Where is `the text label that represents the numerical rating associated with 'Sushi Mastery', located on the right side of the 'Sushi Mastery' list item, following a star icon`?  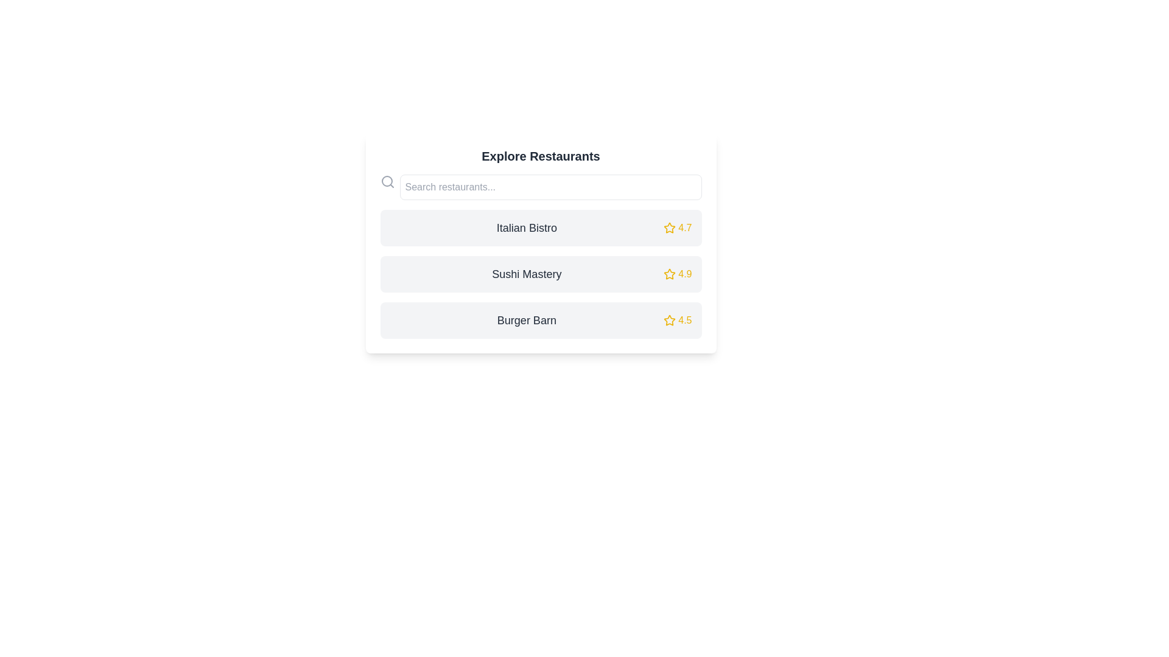 the text label that represents the numerical rating associated with 'Sushi Mastery', located on the right side of the 'Sushi Mastery' list item, following a star icon is located at coordinates (685, 274).